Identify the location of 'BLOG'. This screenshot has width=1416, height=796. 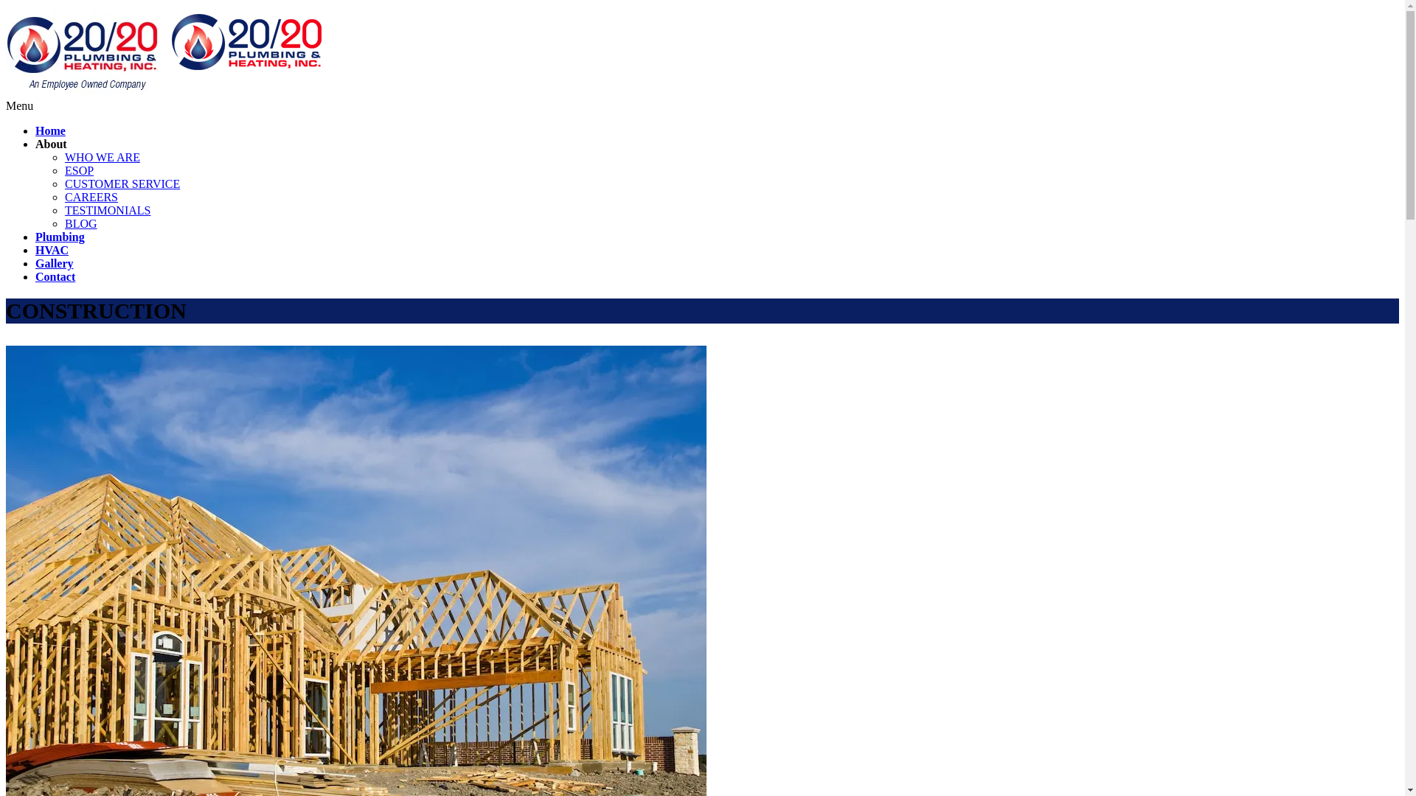
(80, 223).